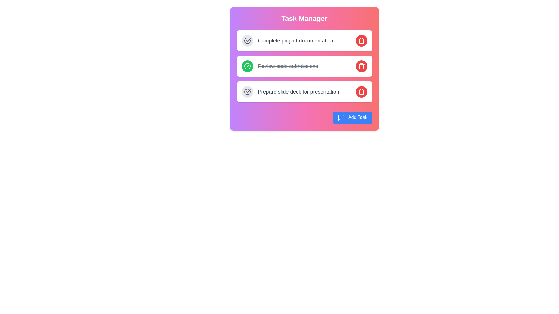 Image resolution: width=559 pixels, height=314 pixels. What do you see at coordinates (247, 92) in the screenshot?
I see `the icon showing completion status located on the left side of the third task item` at bounding box center [247, 92].